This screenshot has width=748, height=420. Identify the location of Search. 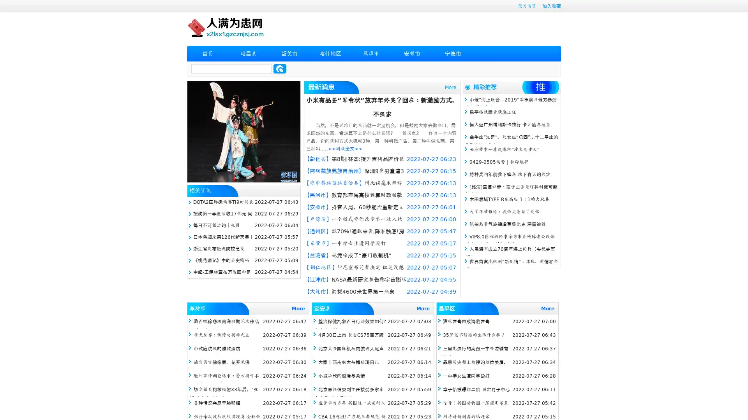
(280, 68).